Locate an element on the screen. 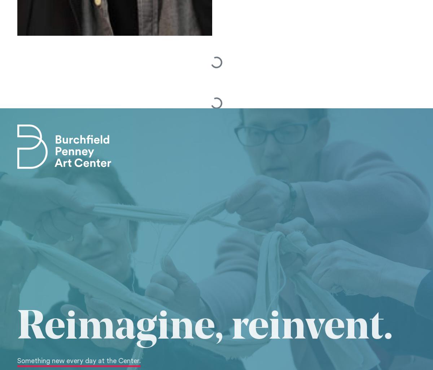 The image size is (433, 370). 'Site Map' is located at coordinates (403, 205).